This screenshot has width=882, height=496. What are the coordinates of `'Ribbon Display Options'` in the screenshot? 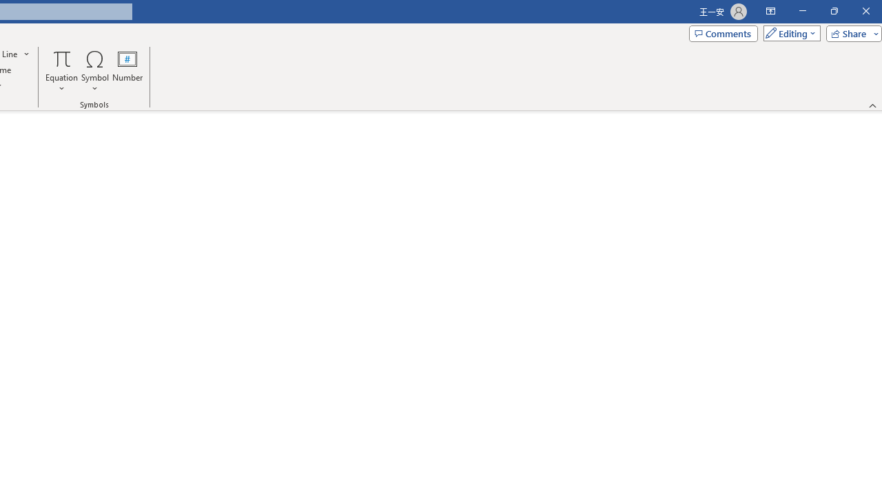 It's located at (770, 11).